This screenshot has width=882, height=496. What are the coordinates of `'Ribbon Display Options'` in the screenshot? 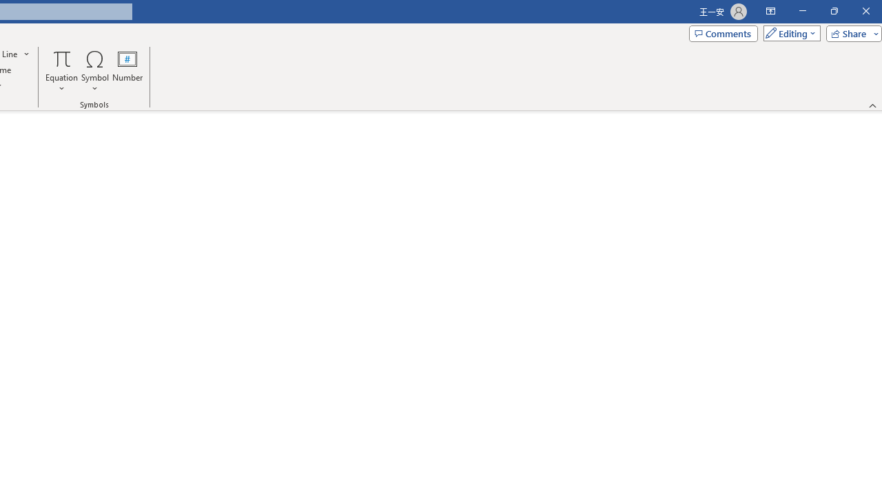 It's located at (770, 11).